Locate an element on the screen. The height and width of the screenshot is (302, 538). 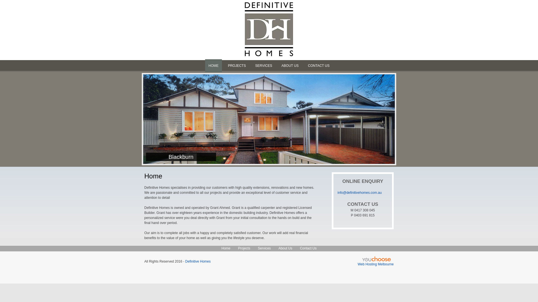
'CONTACT US' is located at coordinates (319, 65).